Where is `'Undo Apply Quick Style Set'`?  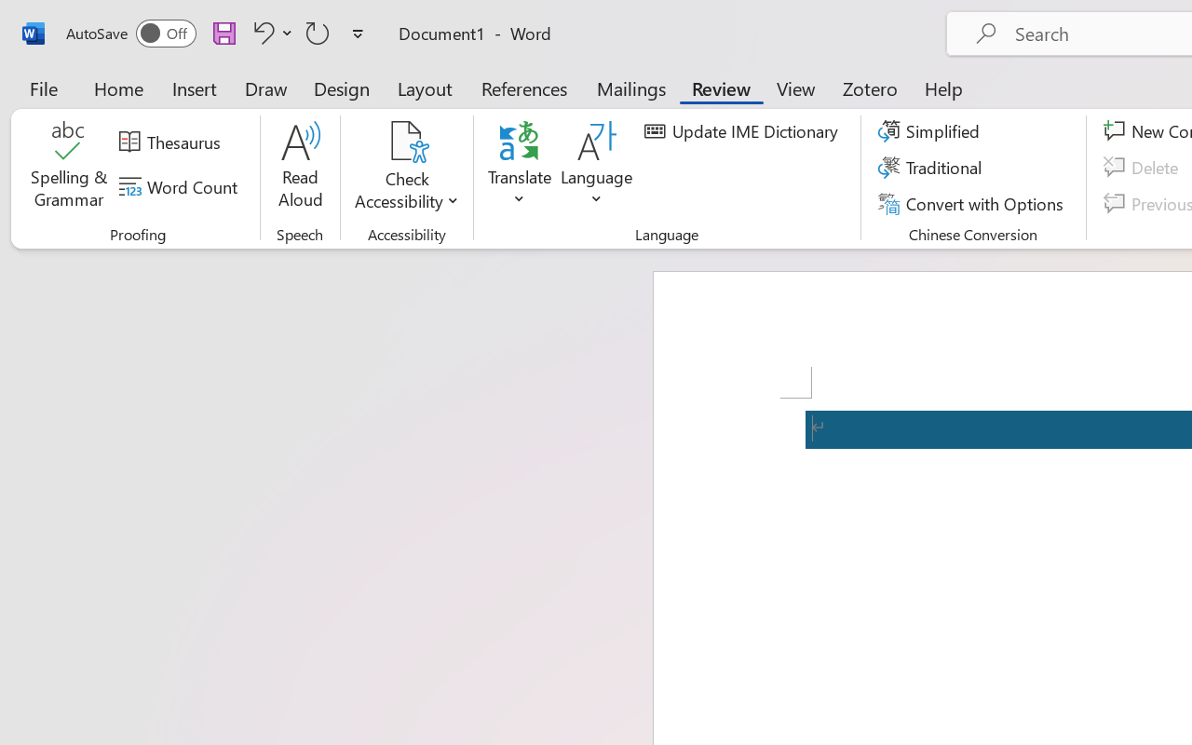
'Undo Apply Quick Style Set' is located at coordinates (269, 32).